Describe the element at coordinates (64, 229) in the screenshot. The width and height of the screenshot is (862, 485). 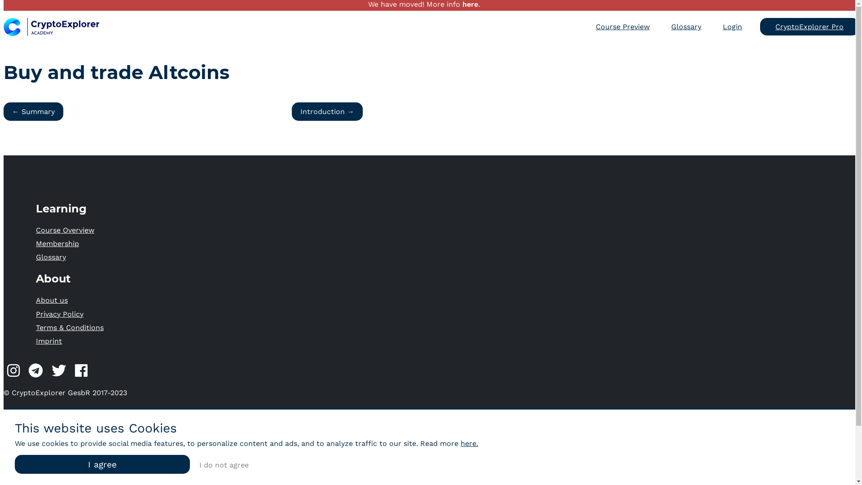
I see `'Course Overview'` at that location.